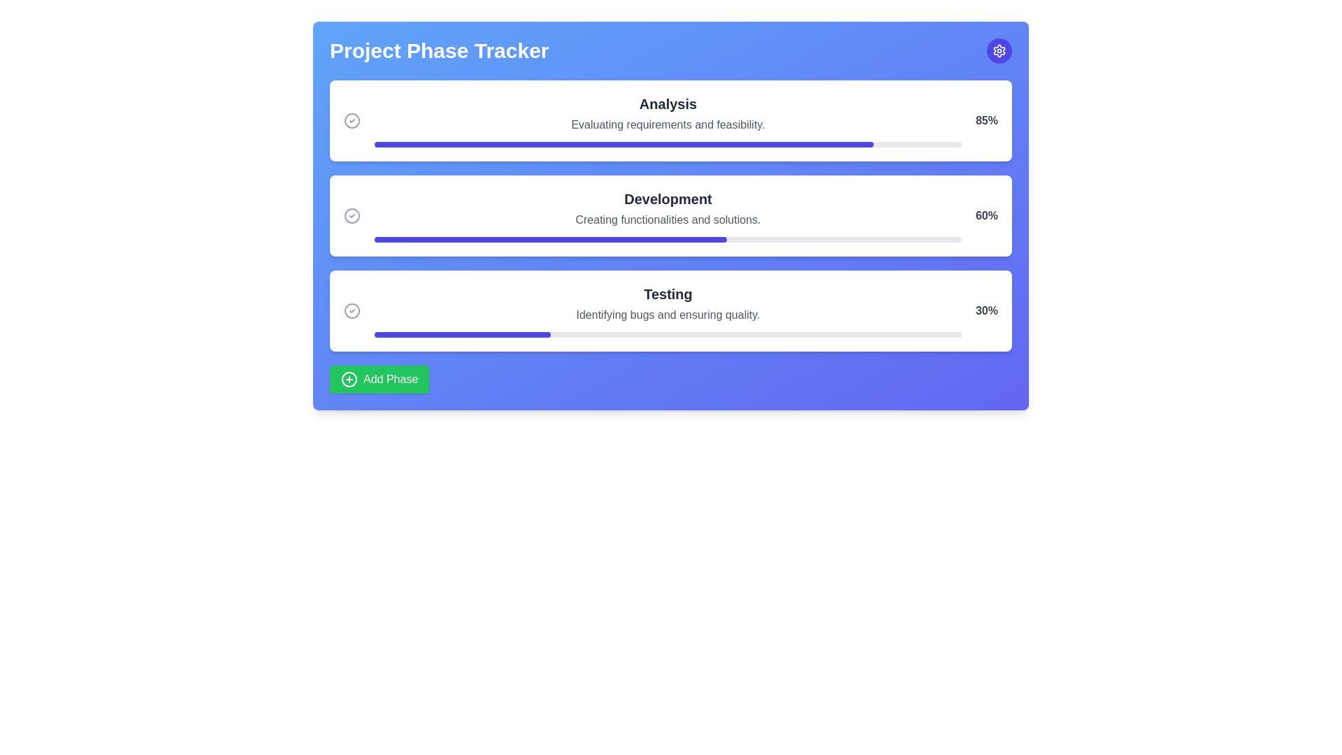 The height and width of the screenshot is (755, 1342). Describe the element at coordinates (667, 145) in the screenshot. I see `the progress of the horizontal progress bar labeled 'Analysis', which is filled to 85% of its width, located in the progress tracker interface` at that location.